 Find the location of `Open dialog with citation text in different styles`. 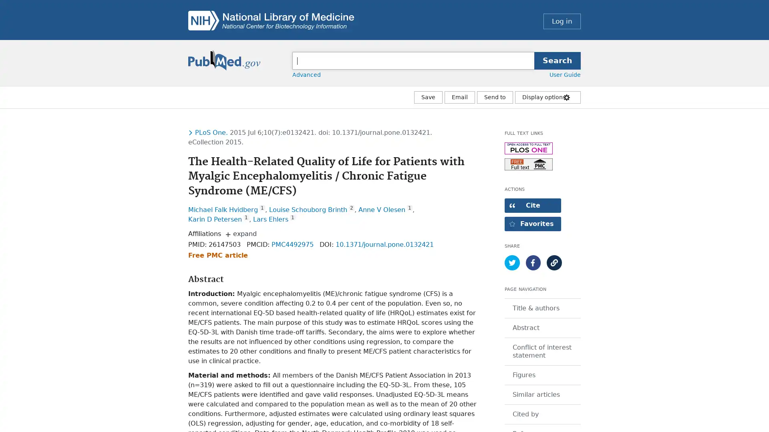

Open dialog with citation text in different styles is located at coordinates (533, 205).